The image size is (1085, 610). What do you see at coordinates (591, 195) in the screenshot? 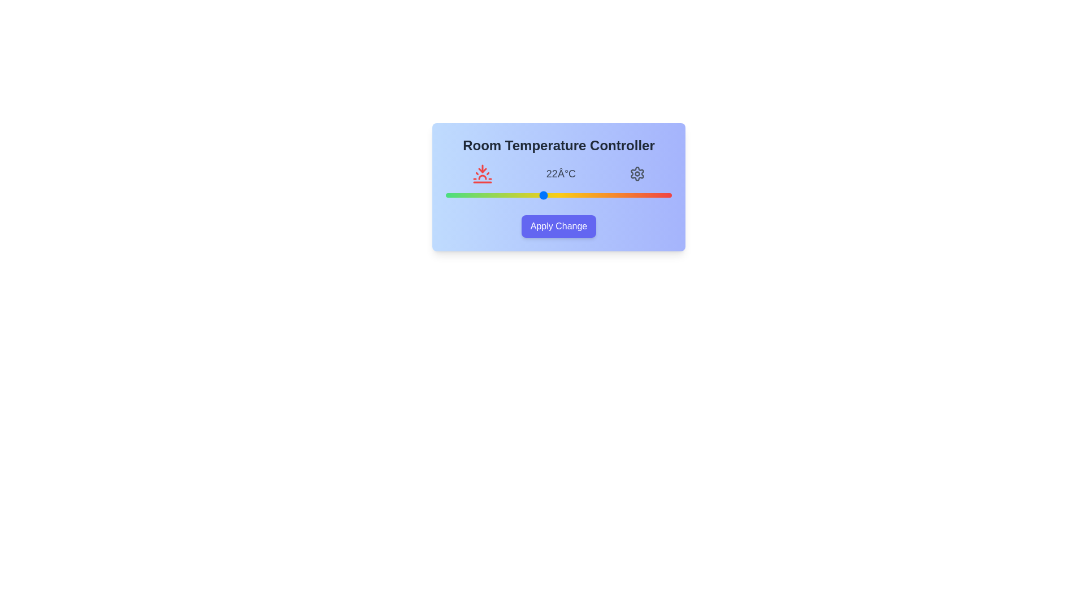
I see `the temperature slider to 25 degrees` at bounding box center [591, 195].